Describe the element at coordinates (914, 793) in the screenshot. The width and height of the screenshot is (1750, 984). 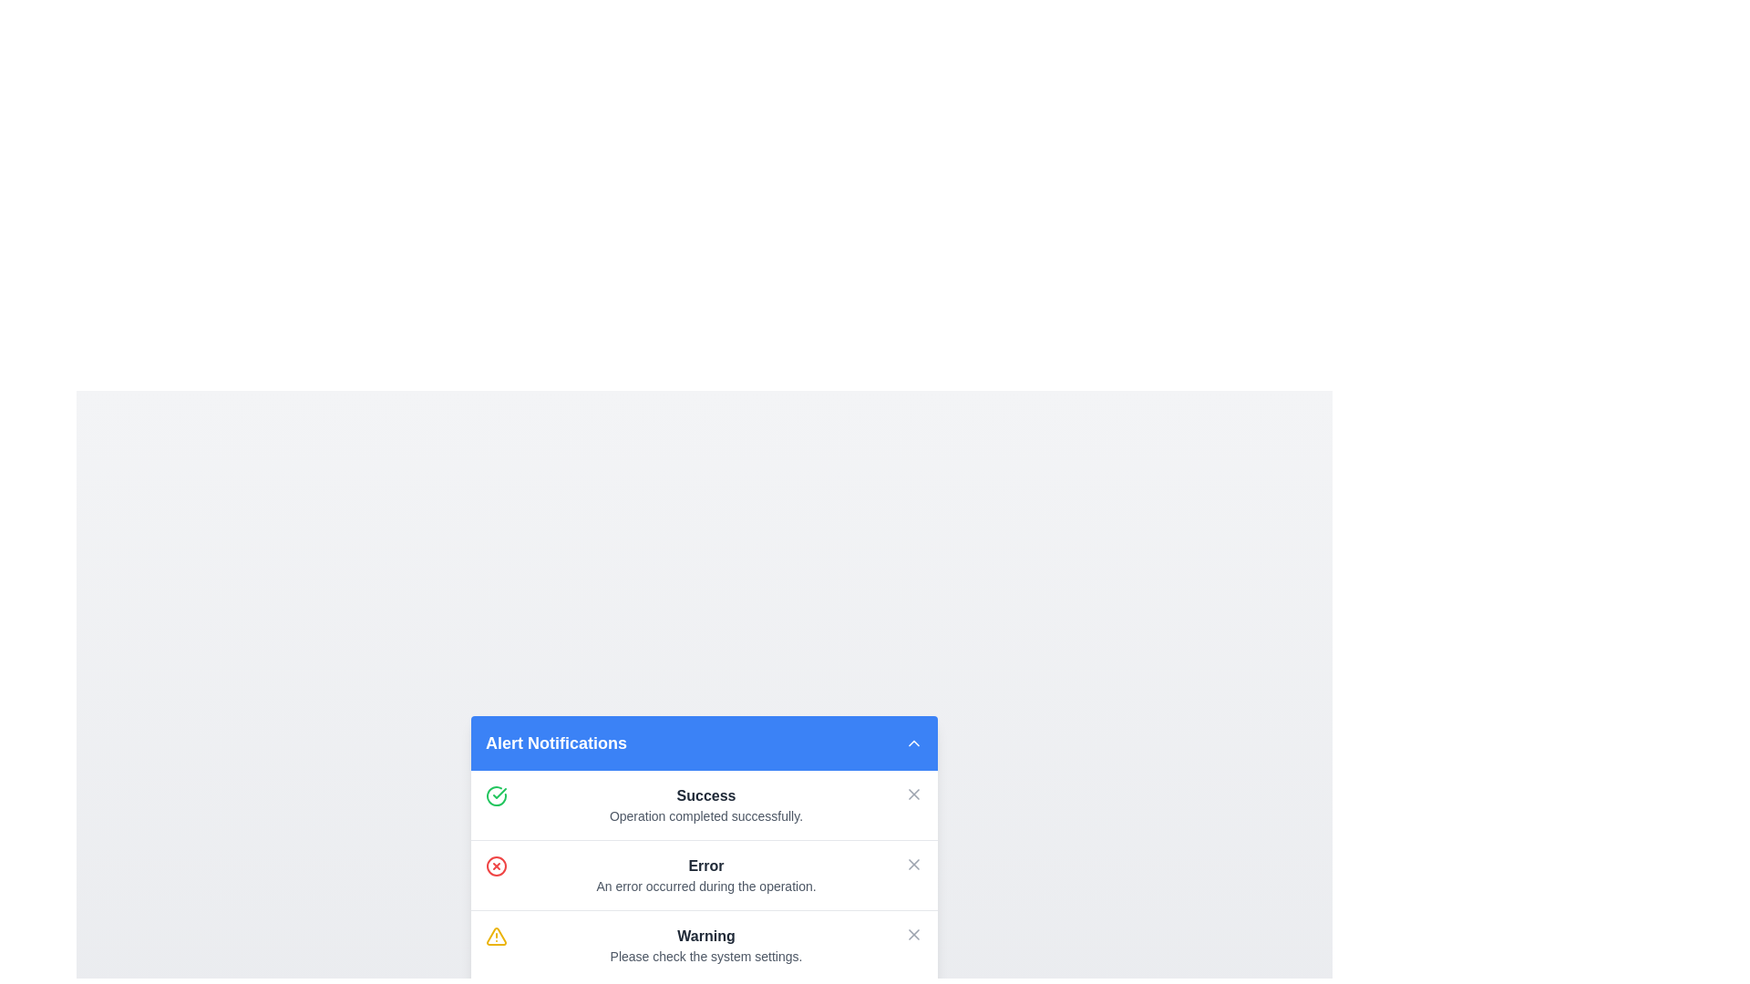
I see `the close button icon, which resembles a gray 'X' and is located at the top-right corner of the 'Success' notification` at that location.